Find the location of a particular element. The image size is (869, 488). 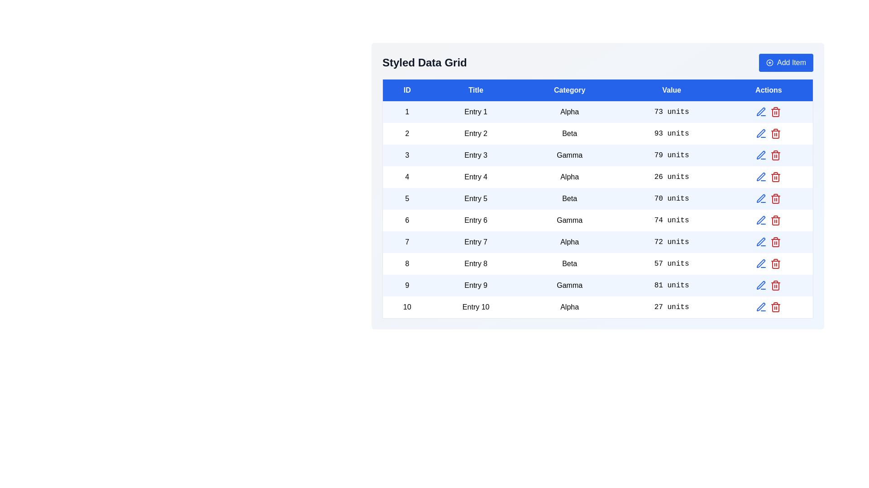

the column header Title to sort the table is located at coordinates (475, 90).